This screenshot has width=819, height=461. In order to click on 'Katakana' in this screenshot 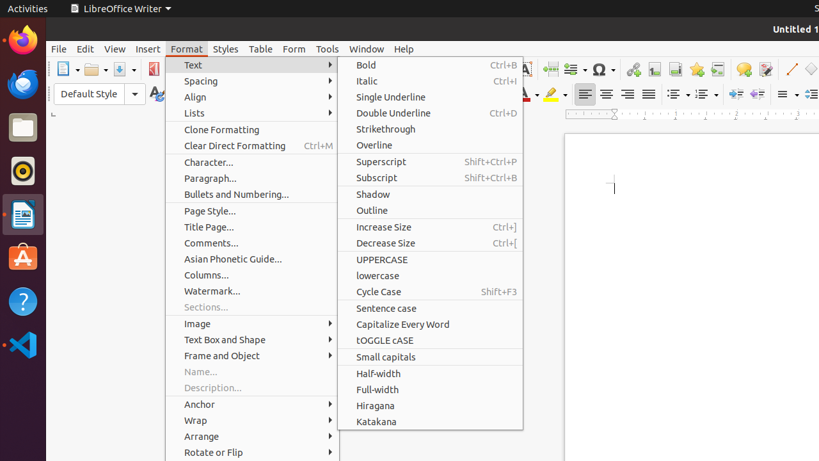, I will do `click(430, 421)`.